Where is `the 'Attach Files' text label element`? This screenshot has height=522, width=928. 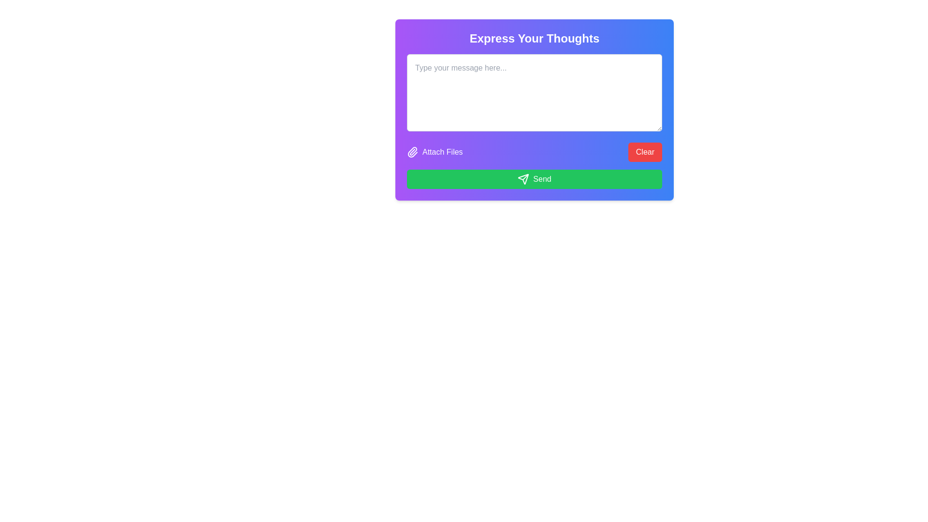 the 'Attach Files' text label element is located at coordinates (442, 152).